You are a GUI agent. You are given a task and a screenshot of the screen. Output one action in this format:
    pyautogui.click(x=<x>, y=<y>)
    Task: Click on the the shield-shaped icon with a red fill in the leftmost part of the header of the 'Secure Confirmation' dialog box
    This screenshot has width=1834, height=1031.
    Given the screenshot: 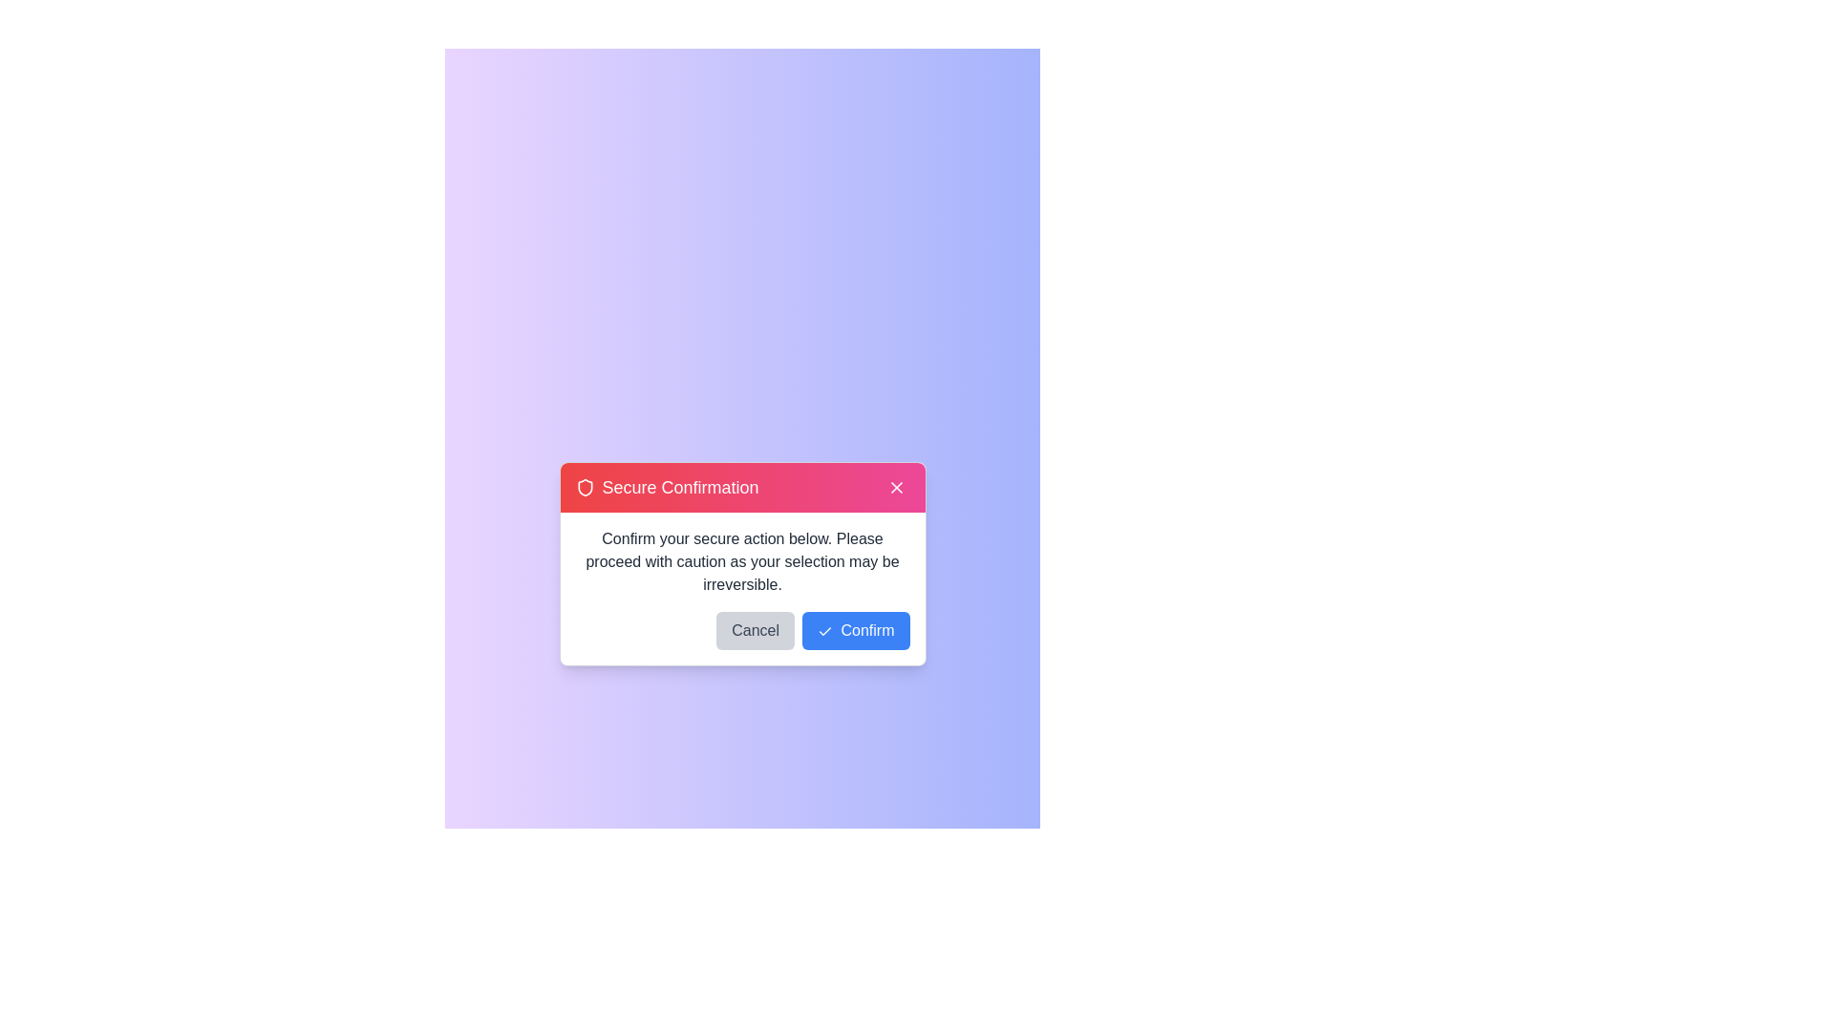 What is the action you would take?
    pyautogui.click(x=584, y=486)
    